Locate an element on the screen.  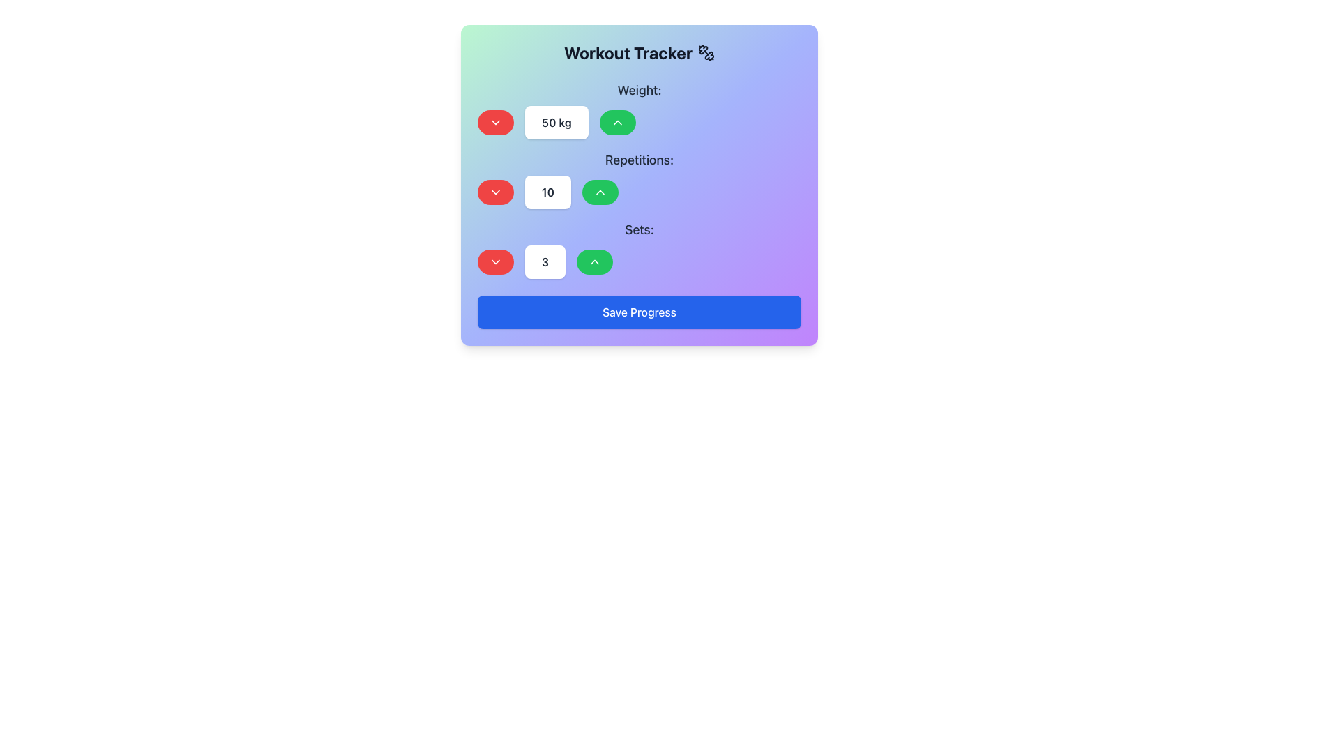
the leftmost button in the horizontal group associated with the 'Weight' field to decrease the displayed weight value is located at coordinates (495, 122).